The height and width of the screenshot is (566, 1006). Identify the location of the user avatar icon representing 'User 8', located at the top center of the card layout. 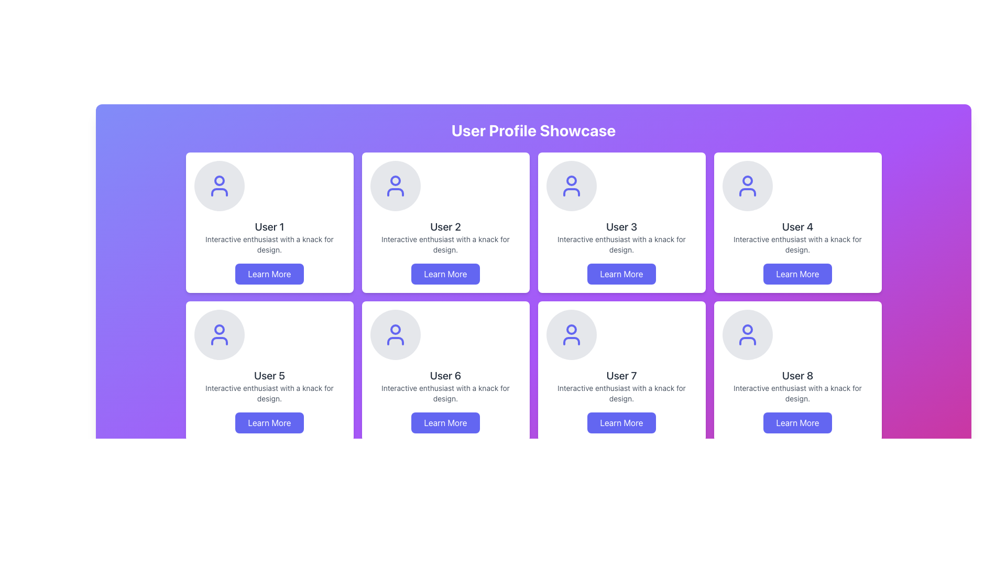
(747, 335).